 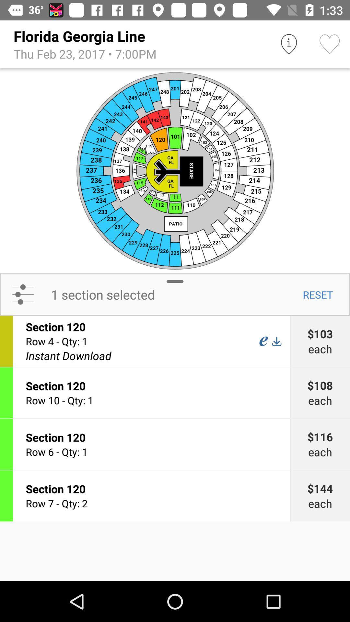 I want to click on icon next to the thu feb 23 item, so click(x=288, y=44).